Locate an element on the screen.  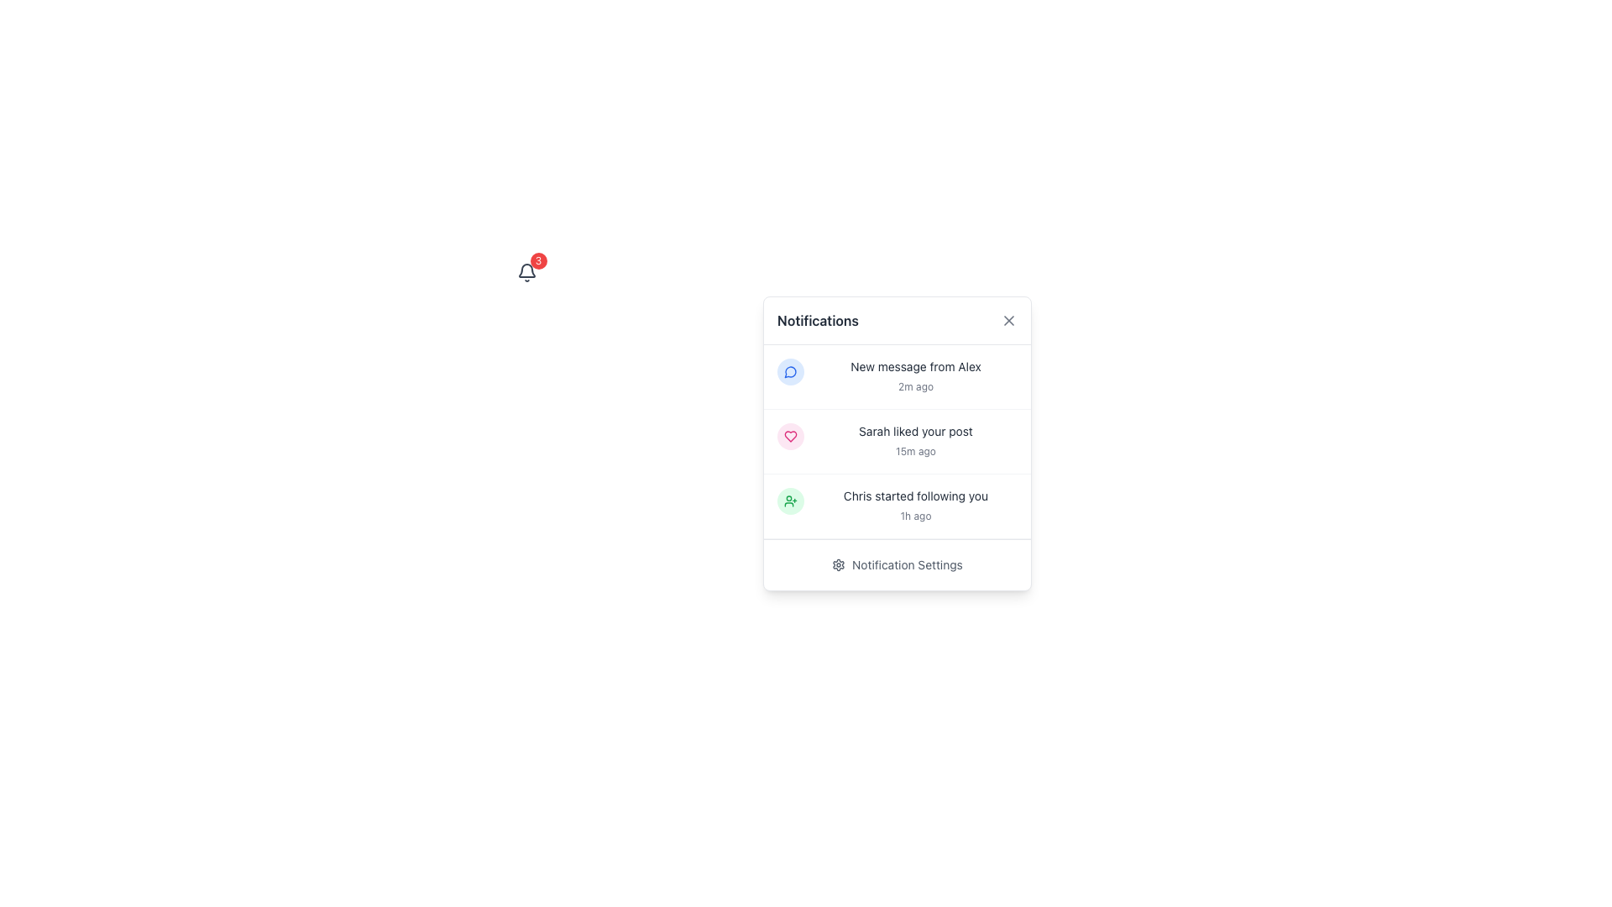
the notification icon that symbolizes direct messages or comment interactions, which is centrally located within the application window in the notification panel is located at coordinates (789, 371).